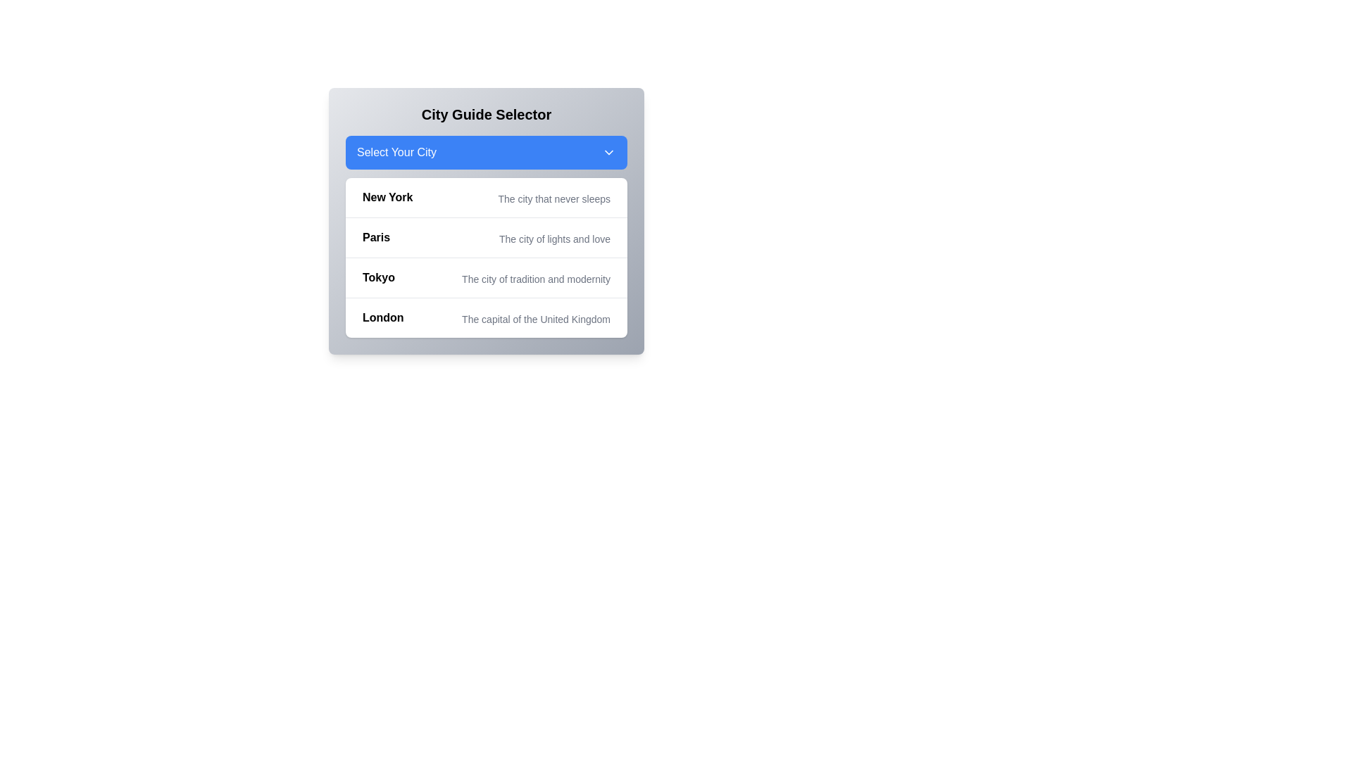 The image size is (1352, 760). What do you see at coordinates (396, 152) in the screenshot?
I see `the text label indicating the currently selected option in the dropdown menu for city selection, located on the left side of the blue rectangular dropdown bar` at bounding box center [396, 152].